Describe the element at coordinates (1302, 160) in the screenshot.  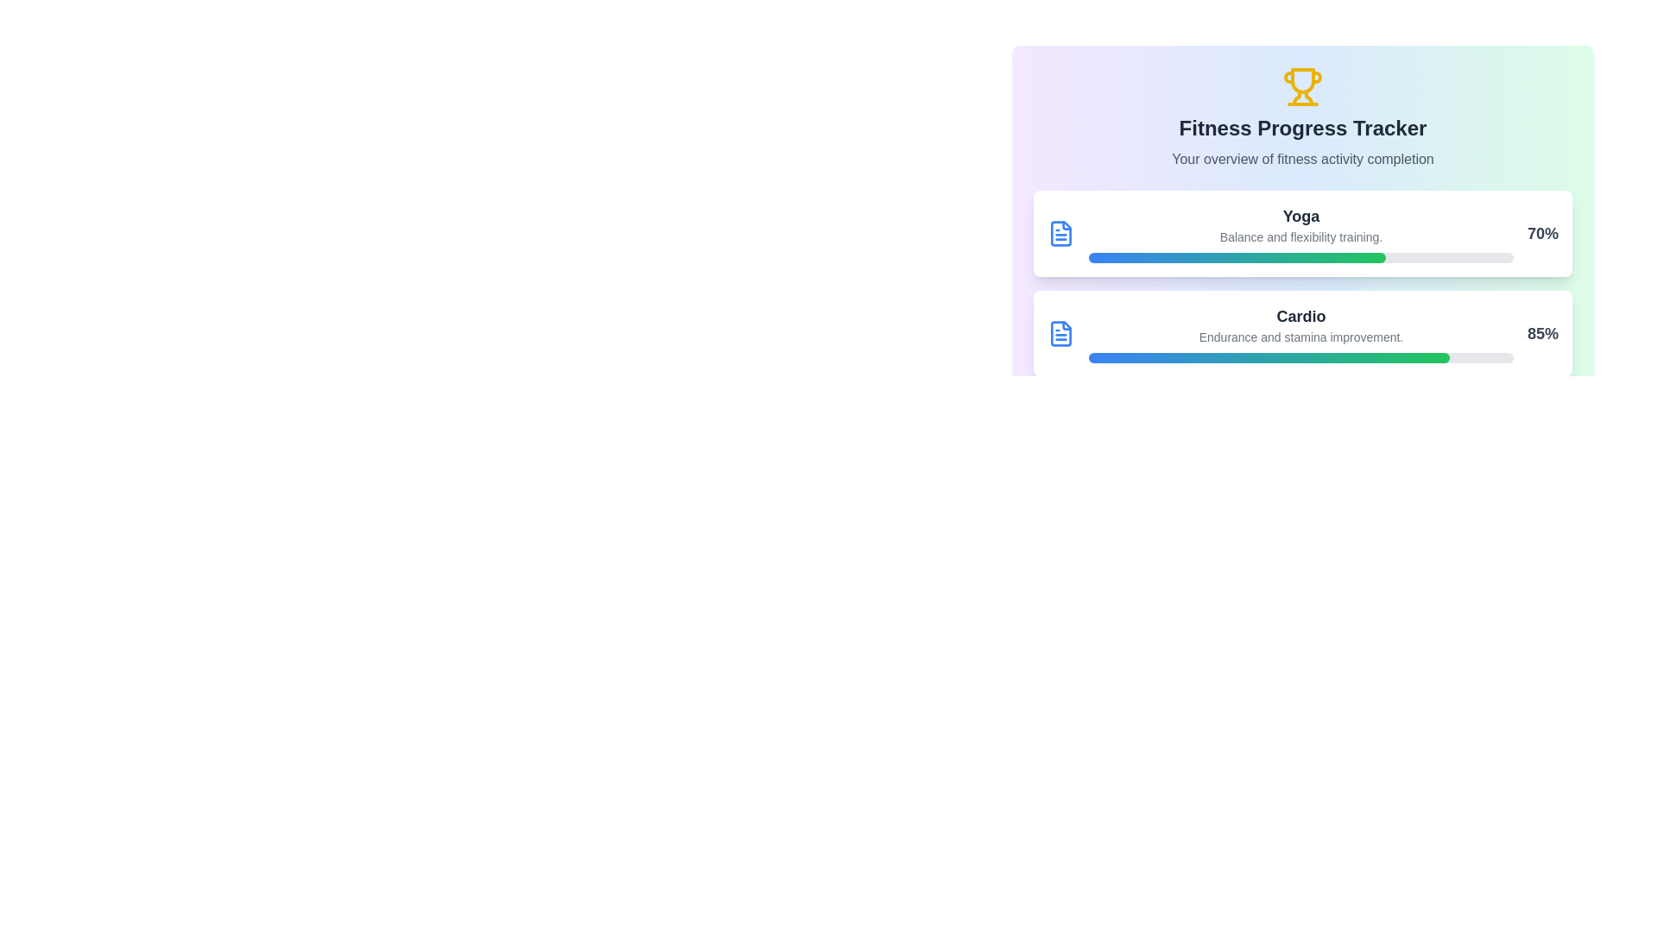
I see `the subtitle text providing context for the 'Fitness Progress Tracker' section, which is located directly under the heading and is horizontally centered` at that location.